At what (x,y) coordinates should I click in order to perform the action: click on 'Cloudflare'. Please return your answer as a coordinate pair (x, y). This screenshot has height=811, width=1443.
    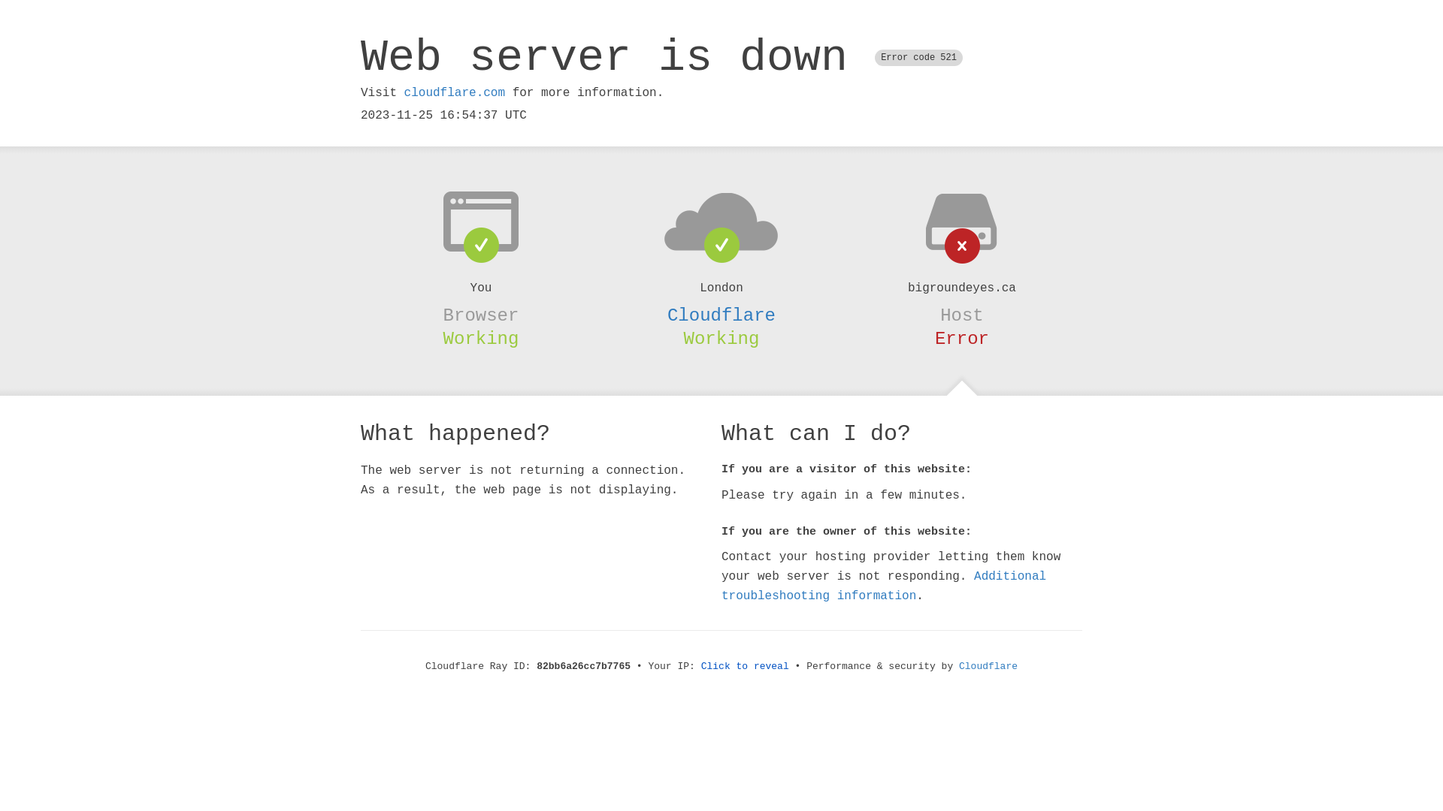
    Looking at the image, I should click on (721, 315).